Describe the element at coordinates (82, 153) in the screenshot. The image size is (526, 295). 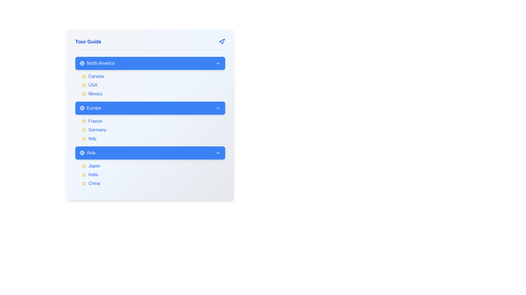
I see `the 'Asia' section icon, which is visually identifiable within the blue selection box and positioned to the left of the word 'Asia'` at that location.